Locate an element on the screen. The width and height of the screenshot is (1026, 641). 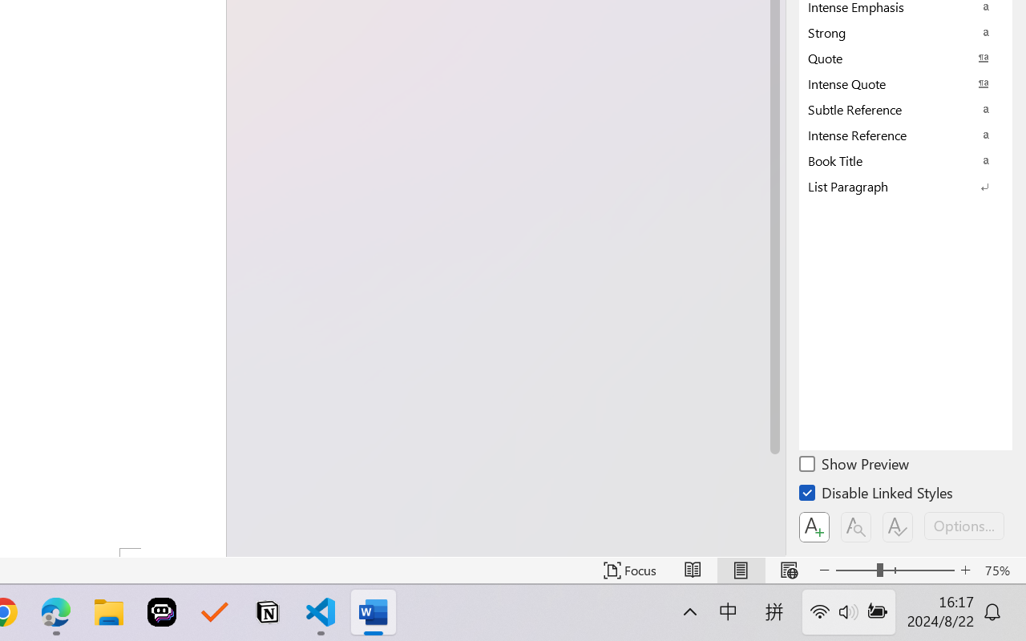
'Subtle Reference' is located at coordinates (906, 109).